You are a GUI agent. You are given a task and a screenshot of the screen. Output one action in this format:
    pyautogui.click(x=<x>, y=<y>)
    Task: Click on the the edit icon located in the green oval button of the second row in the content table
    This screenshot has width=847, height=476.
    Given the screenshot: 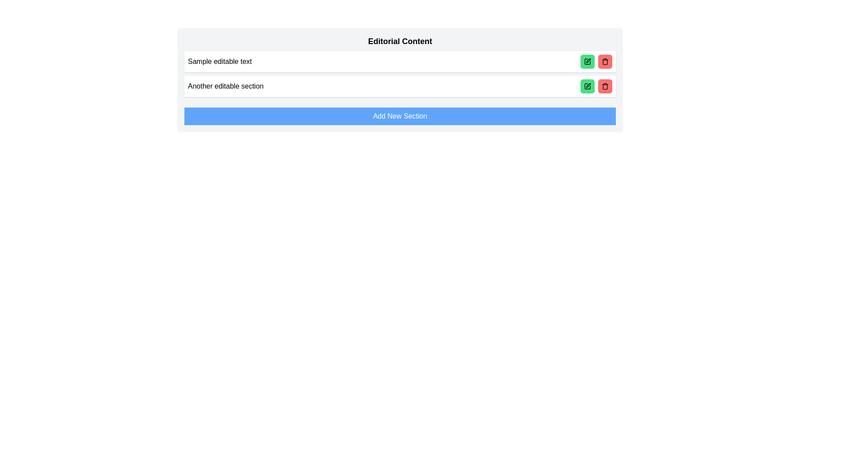 What is the action you would take?
    pyautogui.click(x=587, y=86)
    